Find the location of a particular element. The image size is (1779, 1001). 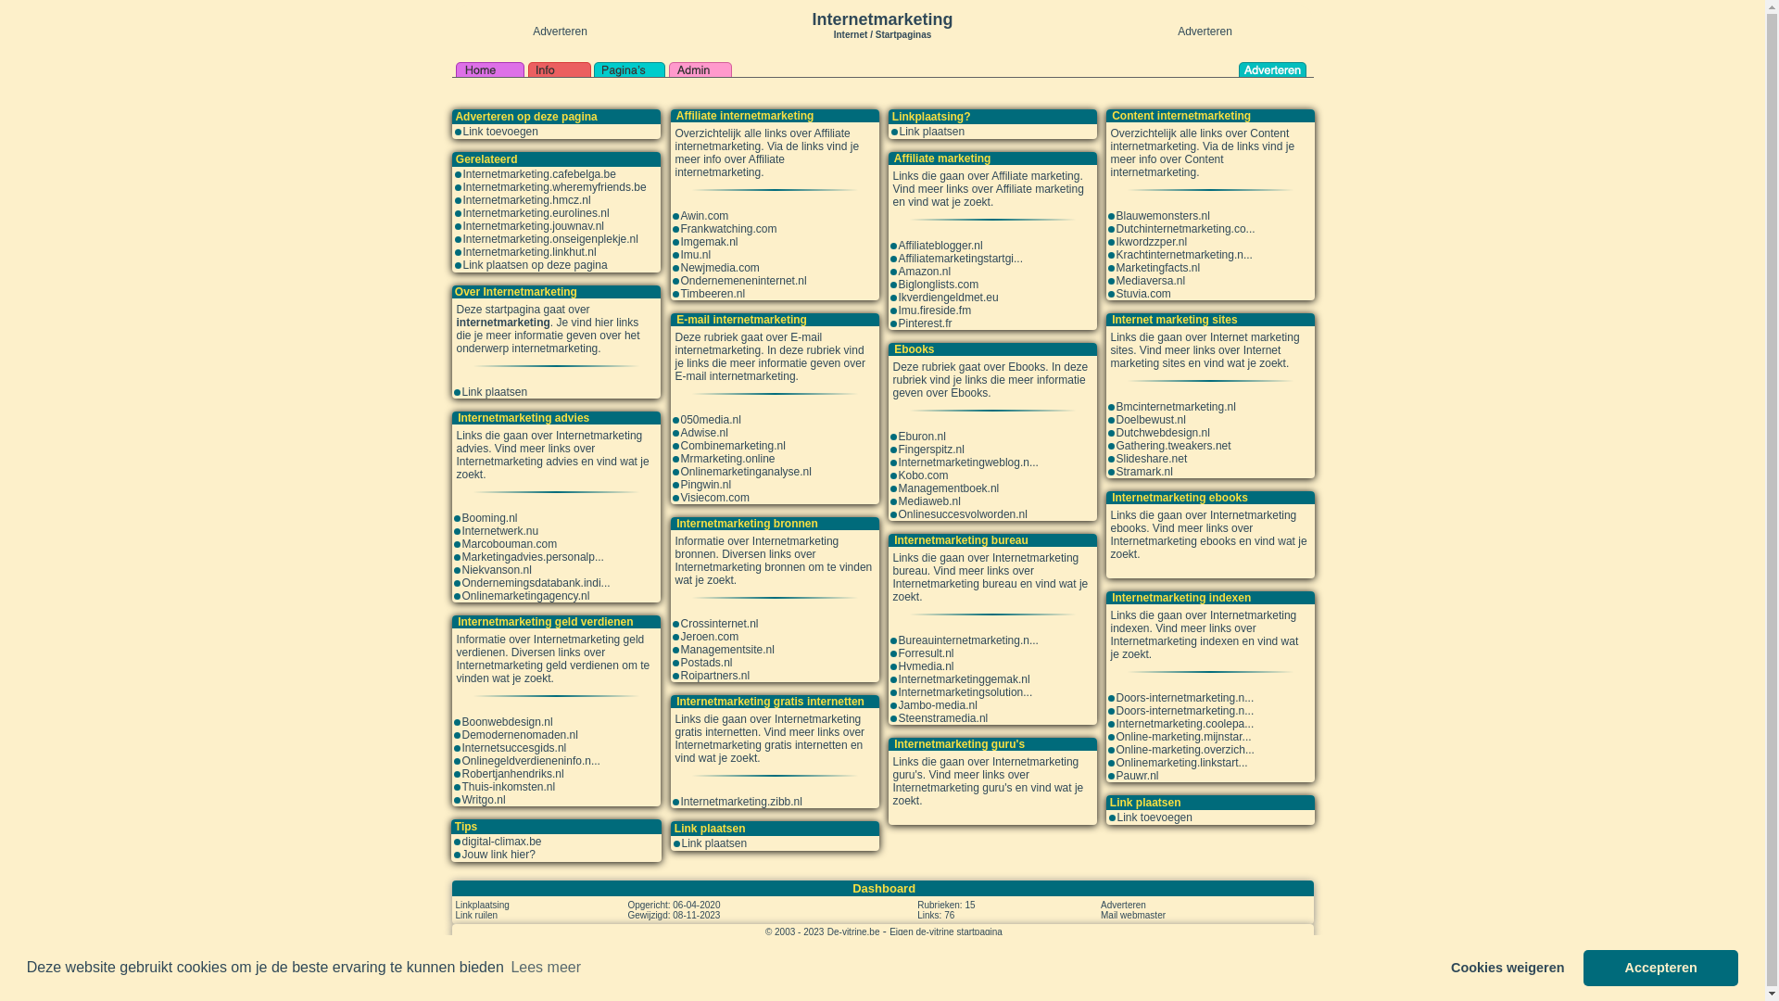

'Robertjanhendriks.nl' is located at coordinates (511, 773).